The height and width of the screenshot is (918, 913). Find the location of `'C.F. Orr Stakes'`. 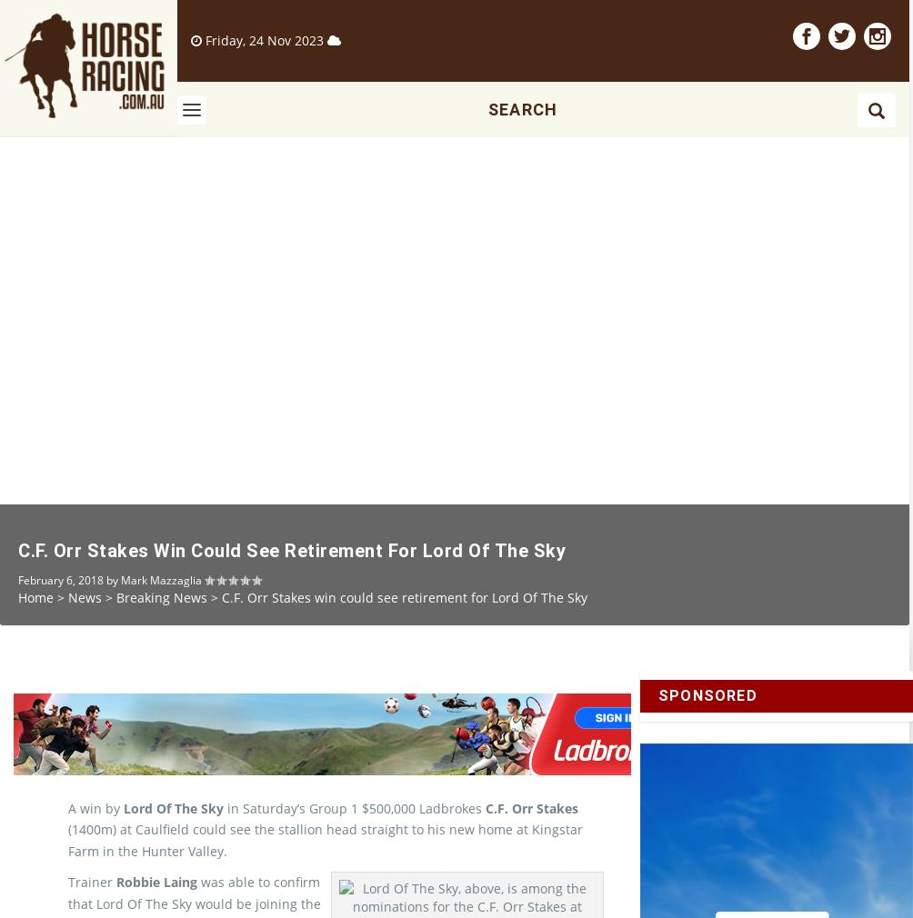

'C.F. Orr Stakes' is located at coordinates (532, 839).